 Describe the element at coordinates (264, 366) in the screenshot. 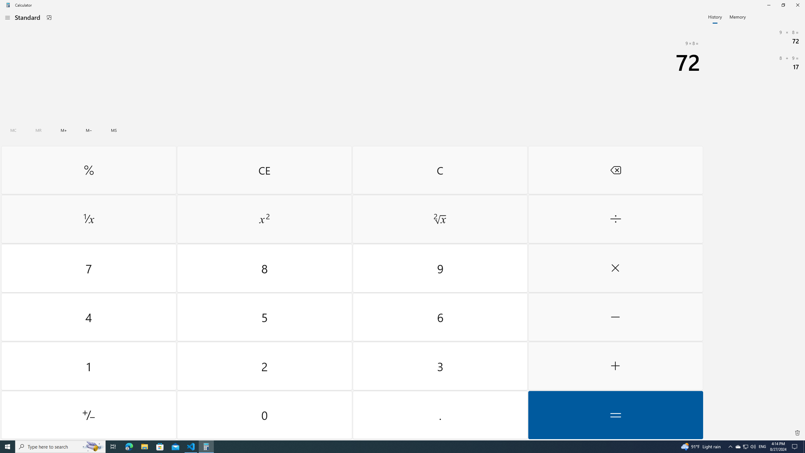

I see `'Two'` at that location.